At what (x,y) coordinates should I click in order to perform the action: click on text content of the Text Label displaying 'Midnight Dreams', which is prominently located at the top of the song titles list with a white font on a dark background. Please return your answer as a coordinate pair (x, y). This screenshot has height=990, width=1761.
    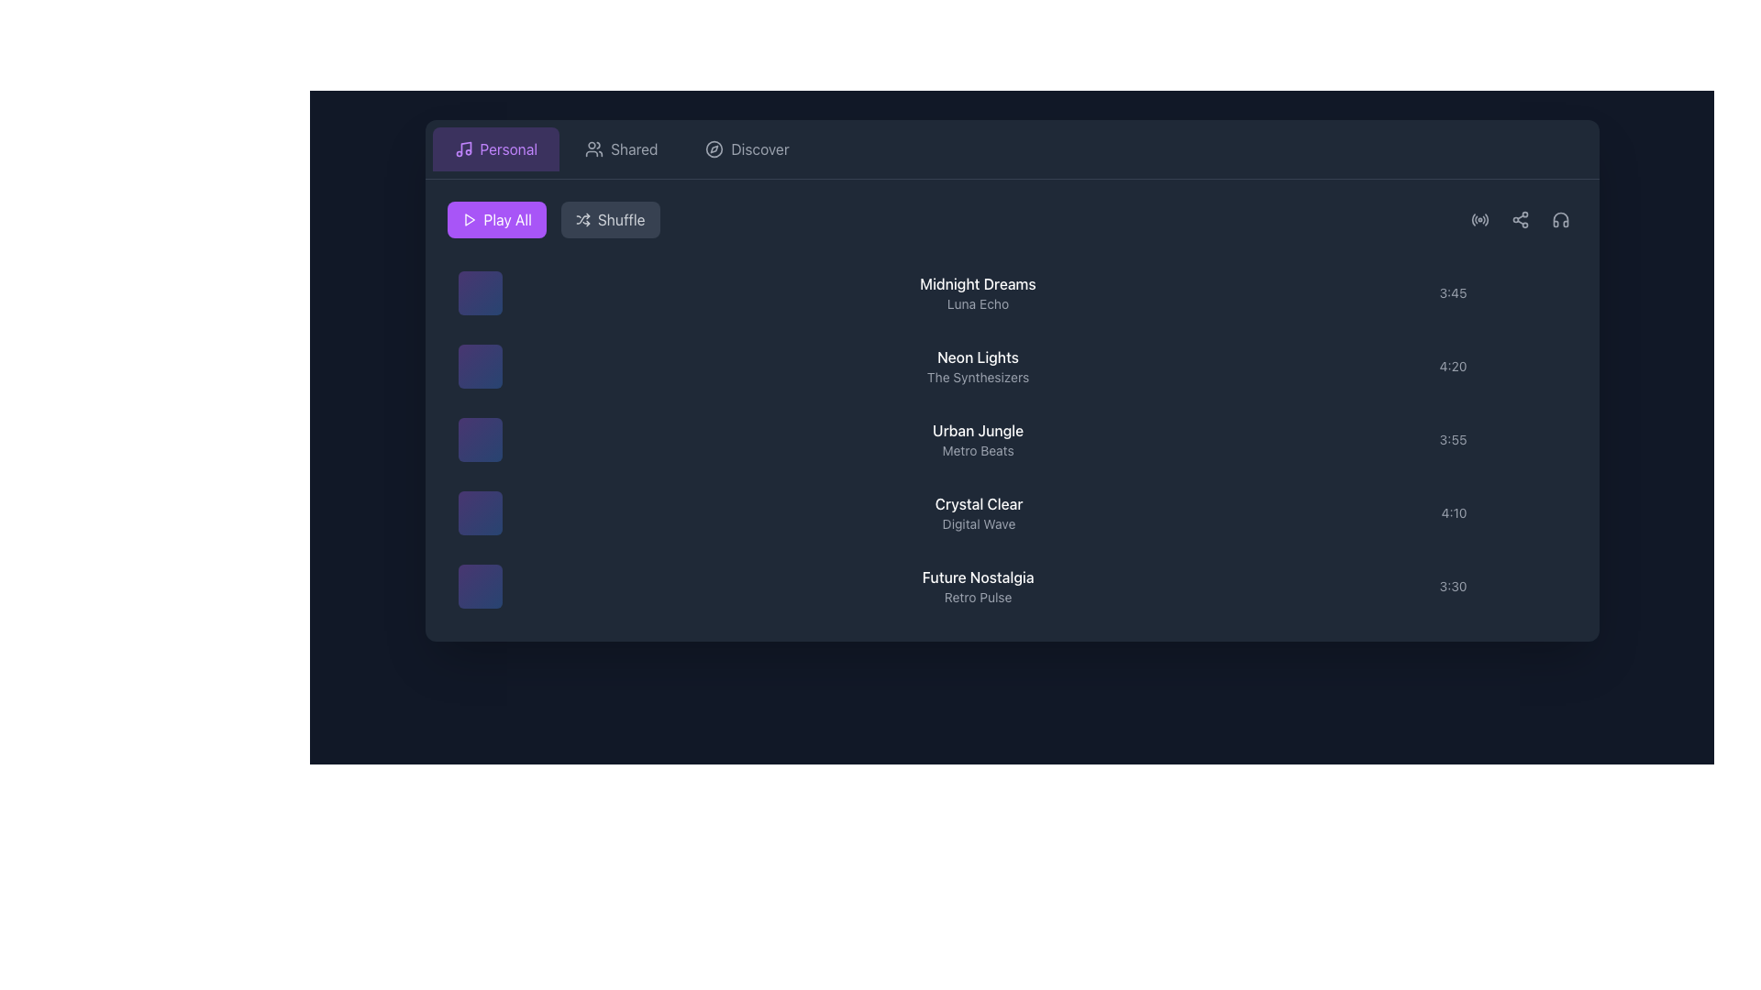
    Looking at the image, I should click on (977, 283).